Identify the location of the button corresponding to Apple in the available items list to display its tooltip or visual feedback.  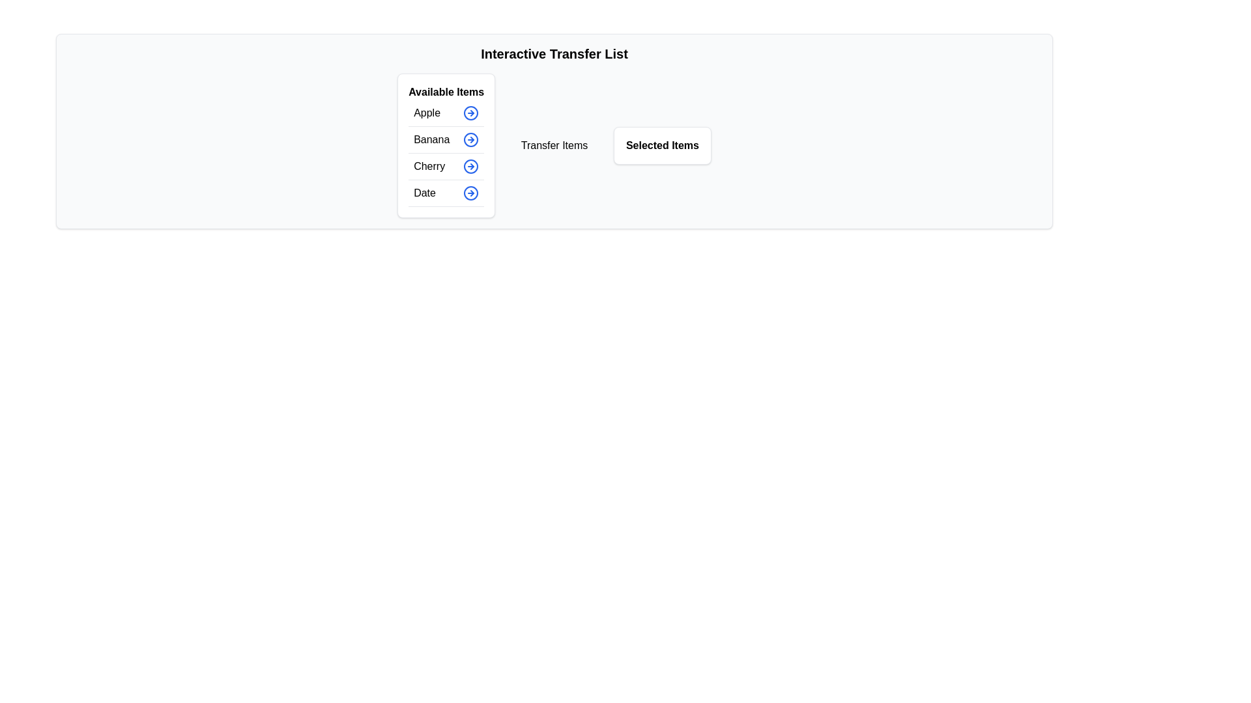
(470, 112).